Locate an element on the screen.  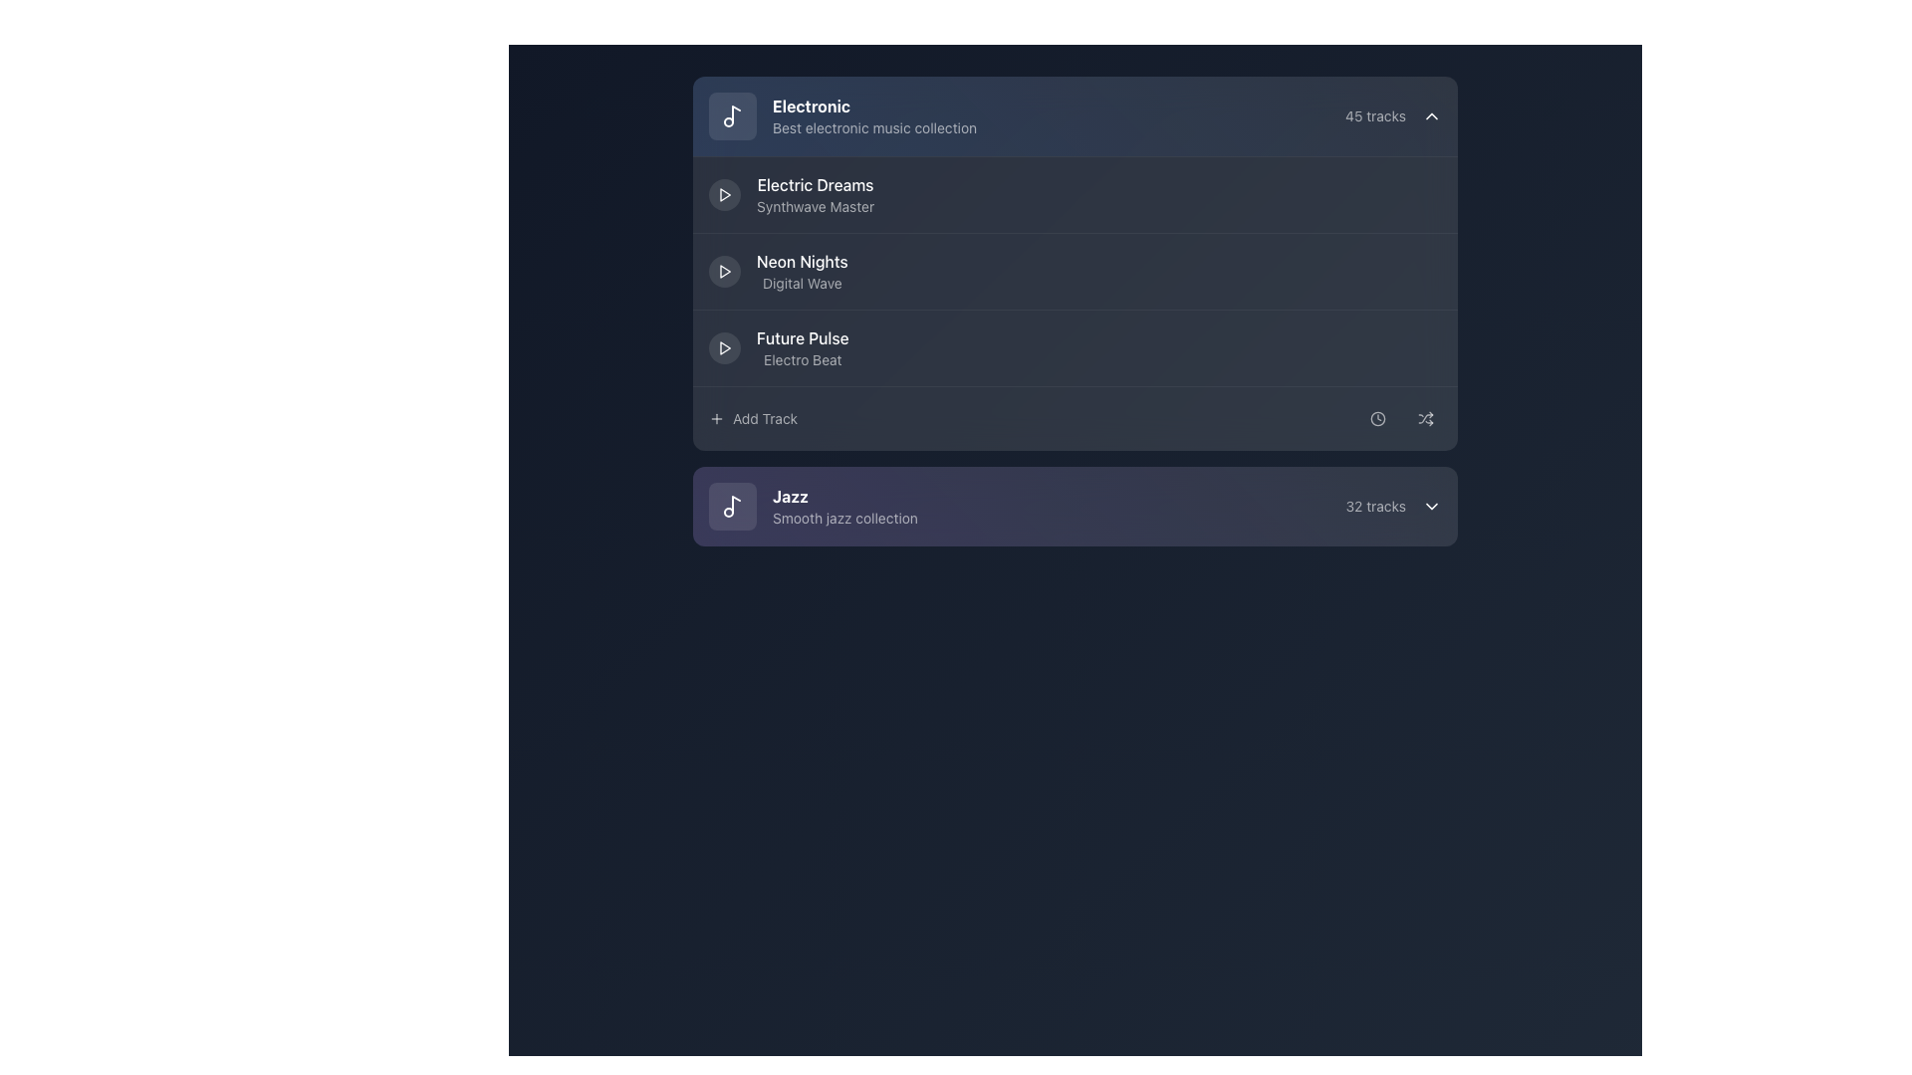
the right-pointing triangular icon representing the control for the 'Neon Nights' track is located at coordinates (724, 272).